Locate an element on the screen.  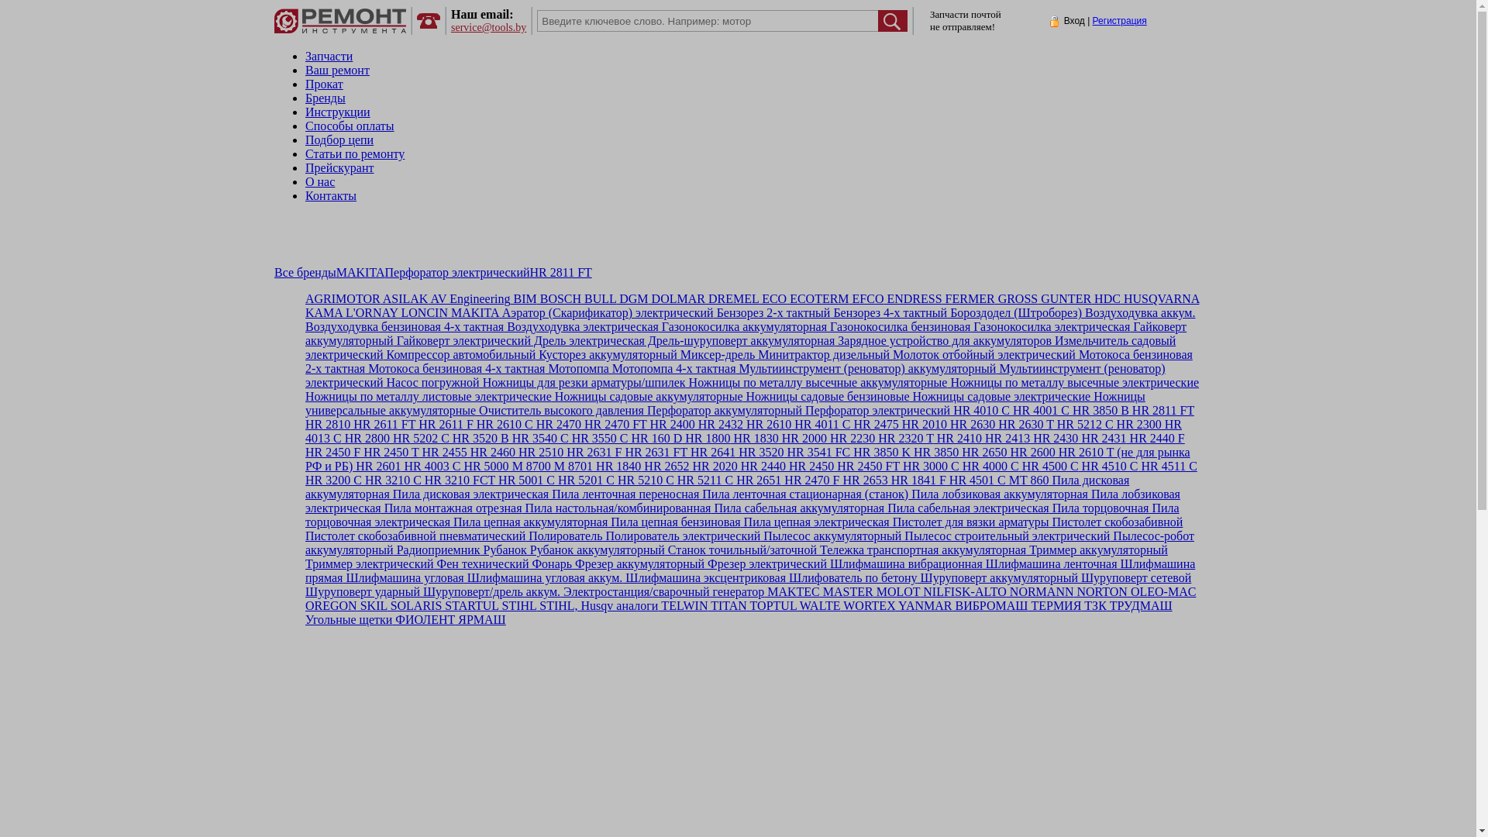
'HR 2440' is located at coordinates (762, 465).